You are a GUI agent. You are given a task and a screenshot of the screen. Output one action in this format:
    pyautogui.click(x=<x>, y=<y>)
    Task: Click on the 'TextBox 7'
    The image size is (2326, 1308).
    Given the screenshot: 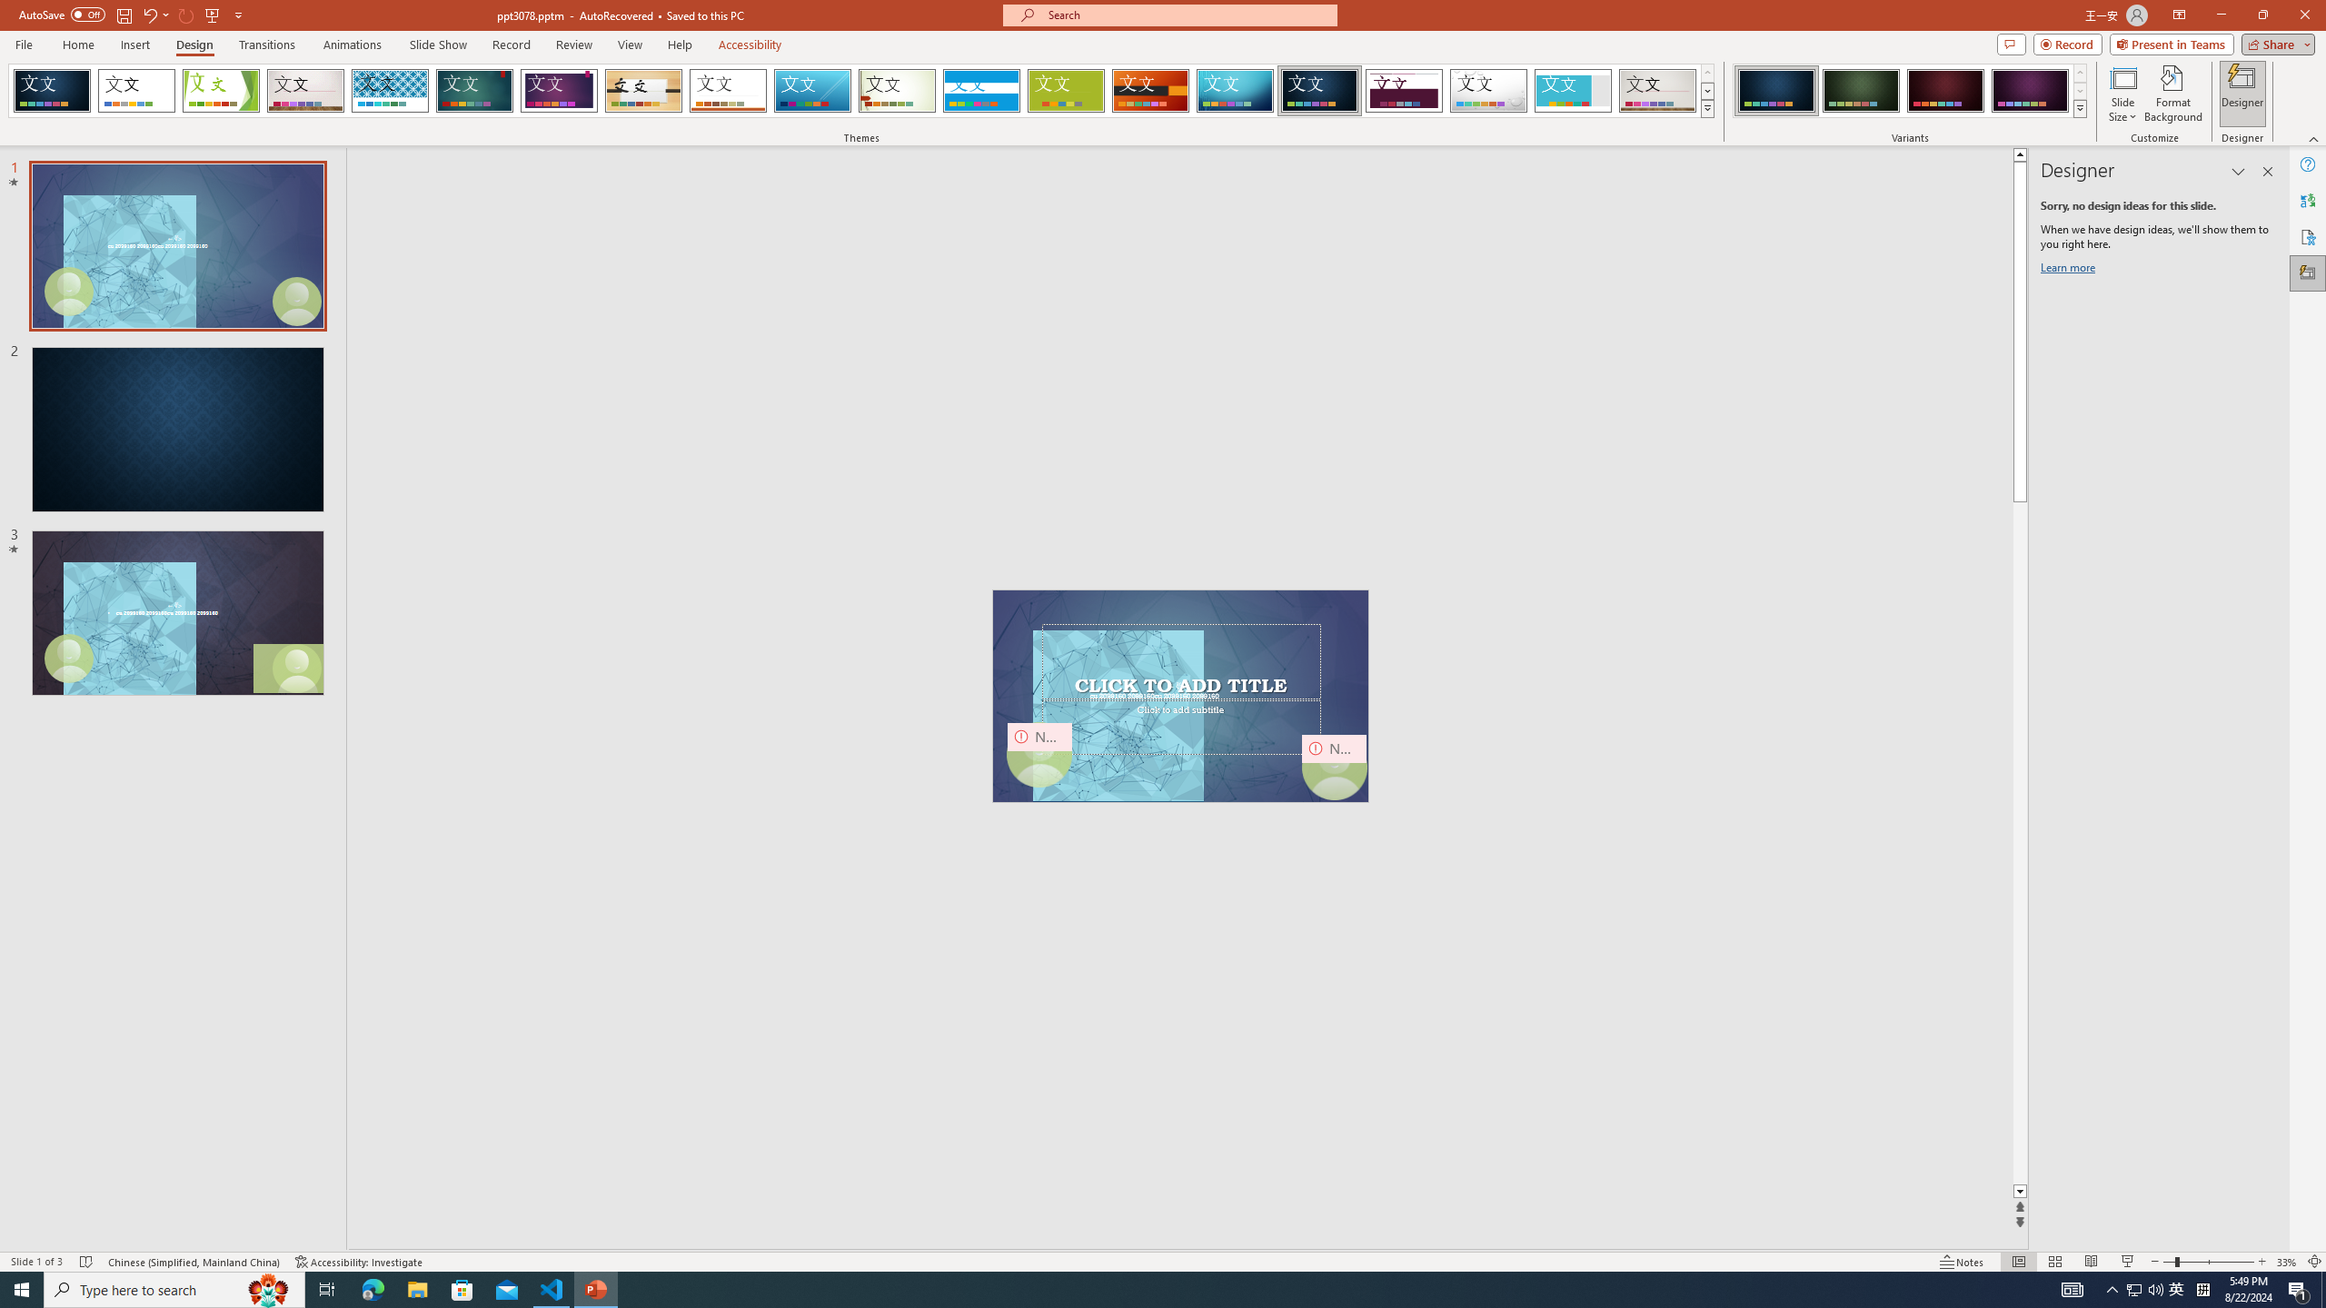 What is the action you would take?
    pyautogui.click(x=1177, y=686)
    